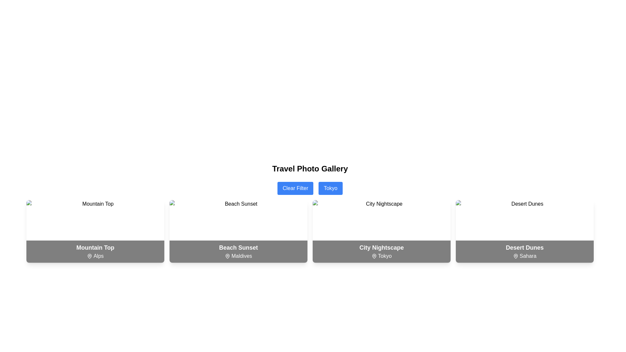  Describe the element at coordinates (309, 188) in the screenshot. I see `the 'Clear Filter' button, which is a rectangular button with a blue background and white text, located in the button group below 'Travel Photo Gallery'` at that location.